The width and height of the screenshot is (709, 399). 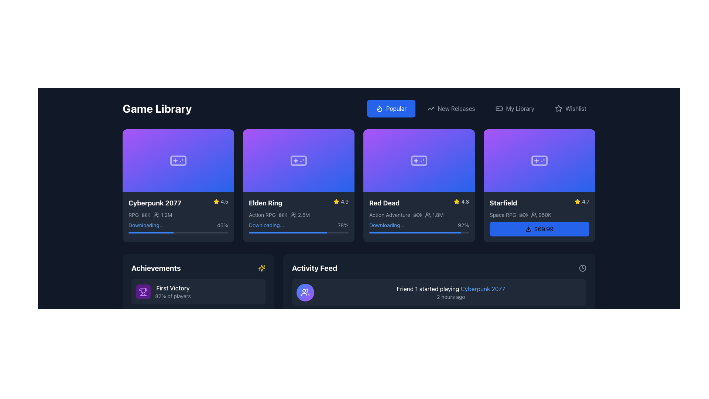 What do you see at coordinates (575, 108) in the screenshot?
I see `the 'Wishlist' text label, which is displayed in light gray font and is located in the top-right corner of the navigation bar, following the star icon` at bounding box center [575, 108].